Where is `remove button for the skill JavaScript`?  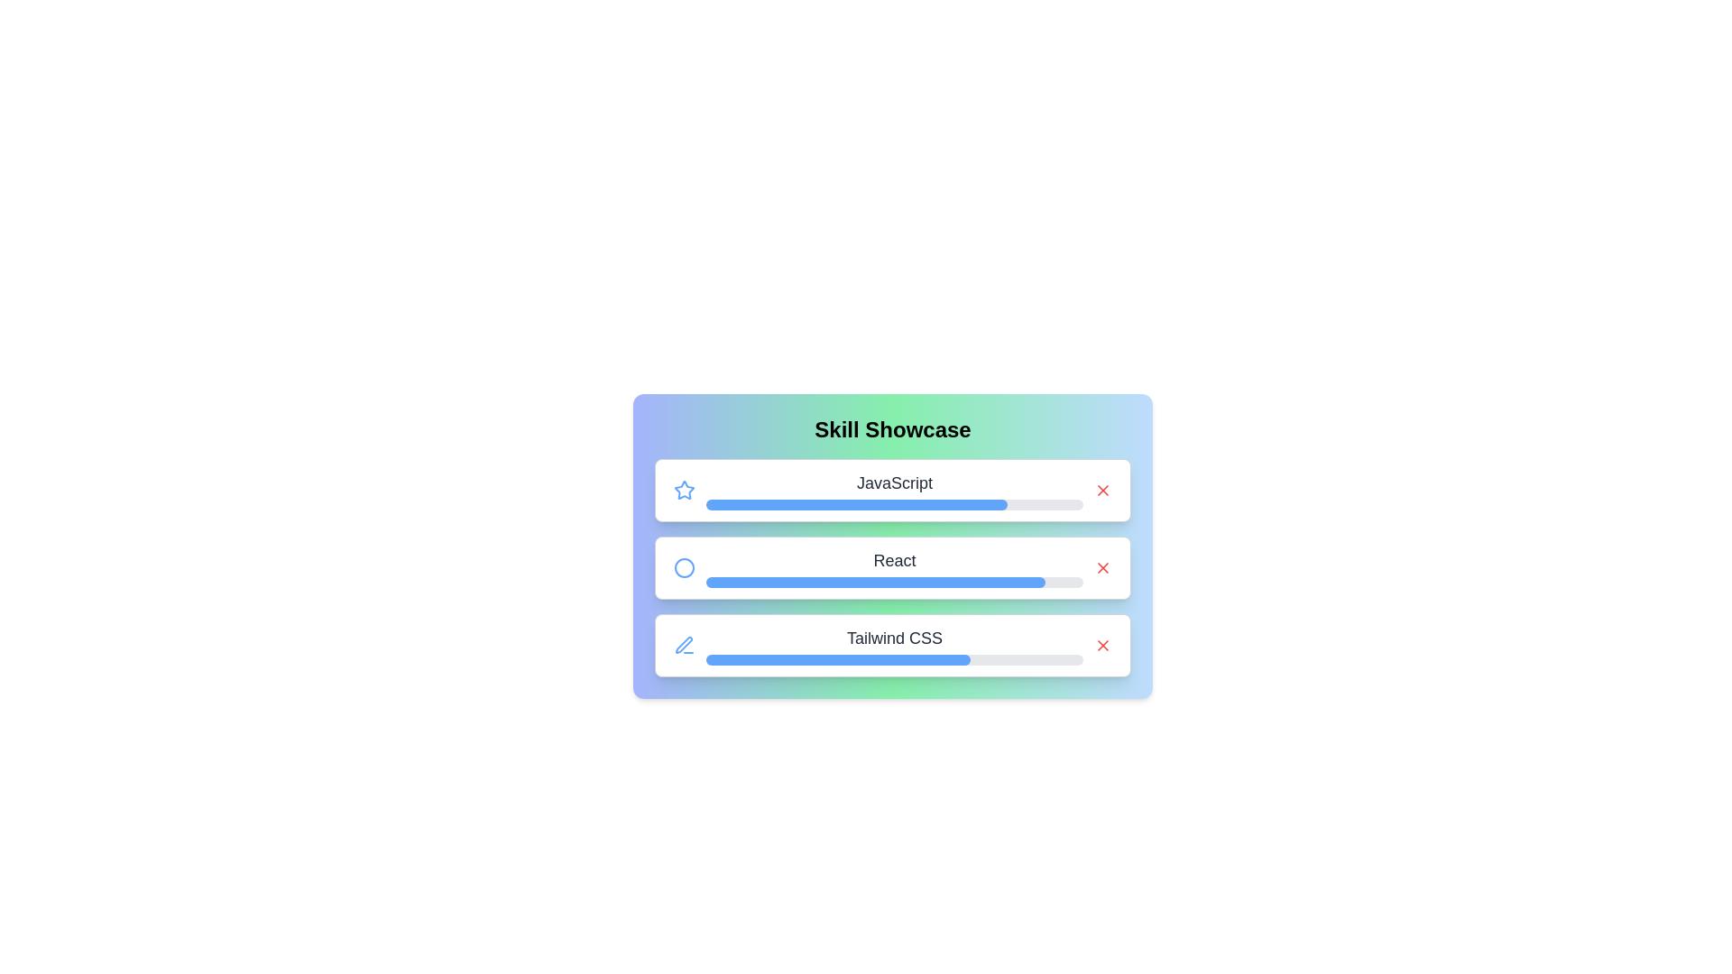
remove button for the skill JavaScript is located at coordinates (1102, 490).